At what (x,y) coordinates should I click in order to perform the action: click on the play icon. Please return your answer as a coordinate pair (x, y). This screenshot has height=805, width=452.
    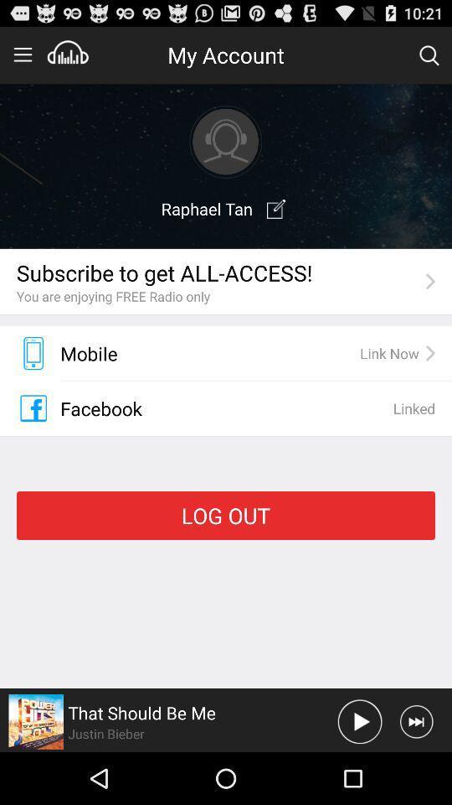
    Looking at the image, I should click on (359, 772).